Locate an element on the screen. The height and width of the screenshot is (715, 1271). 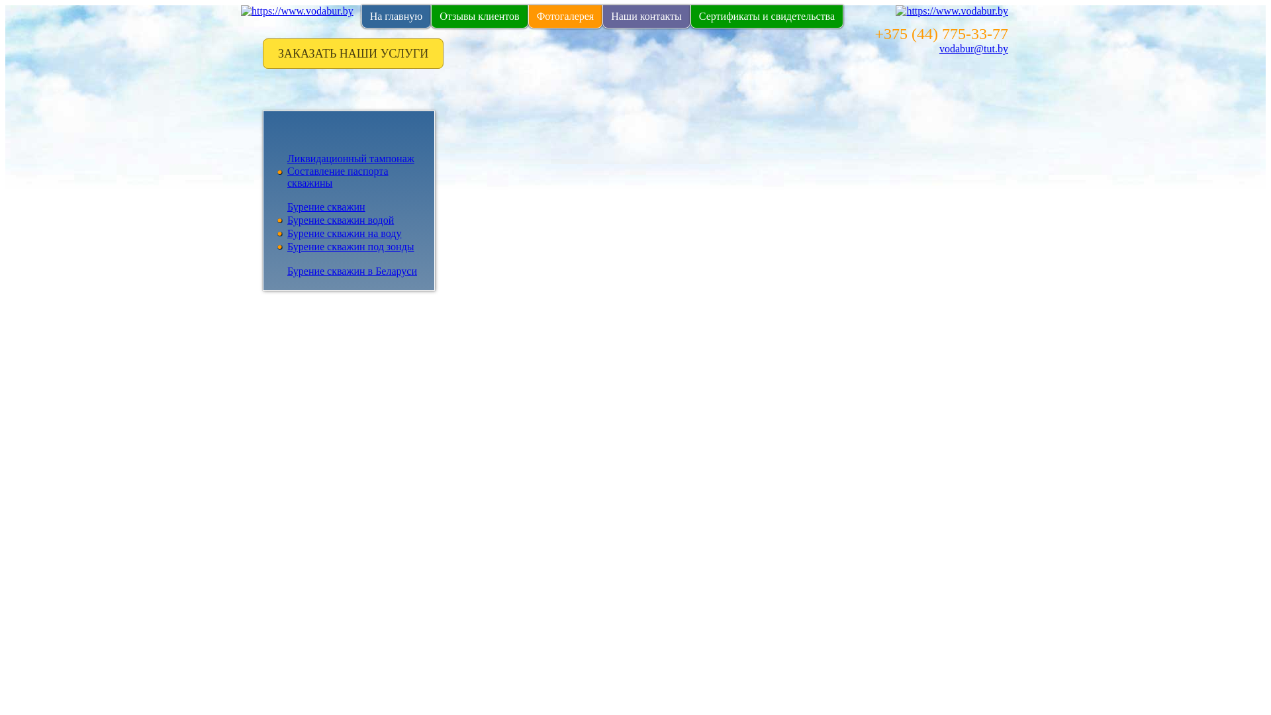
'https://www.vodabur.by' is located at coordinates (951, 11).